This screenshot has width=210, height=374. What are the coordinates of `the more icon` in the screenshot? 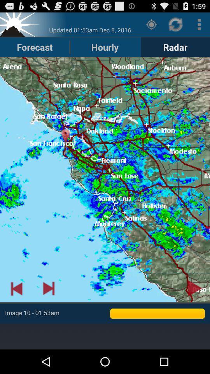 It's located at (199, 26).